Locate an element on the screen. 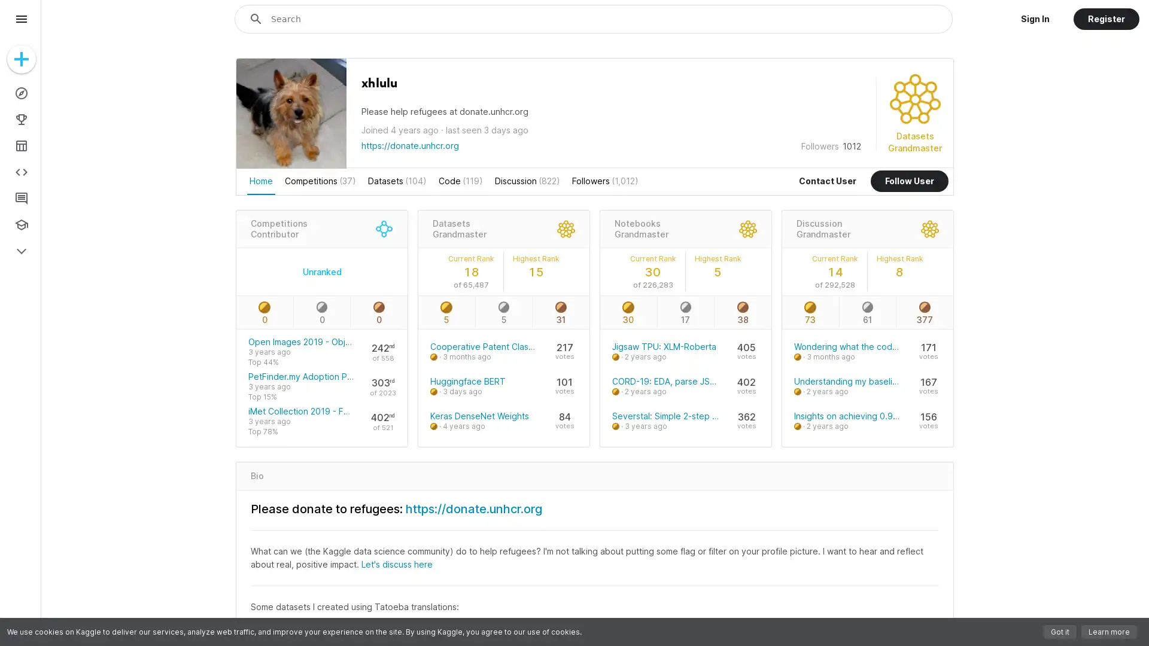 The height and width of the screenshot is (646, 1149). Sign In is located at coordinates (1034, 19).